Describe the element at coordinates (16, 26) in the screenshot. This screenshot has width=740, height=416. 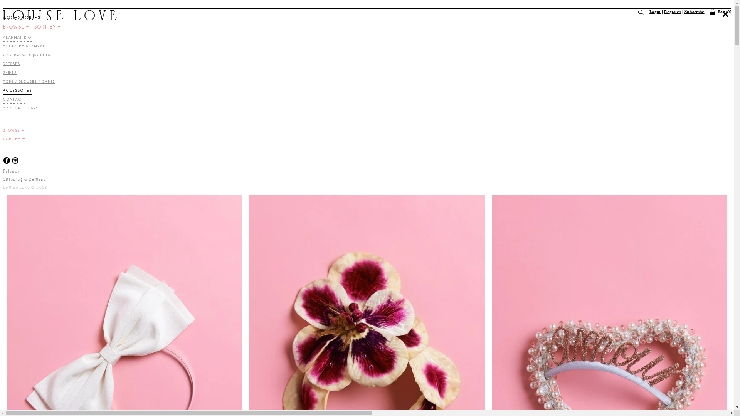
I see `'BROWSE'` at that location.